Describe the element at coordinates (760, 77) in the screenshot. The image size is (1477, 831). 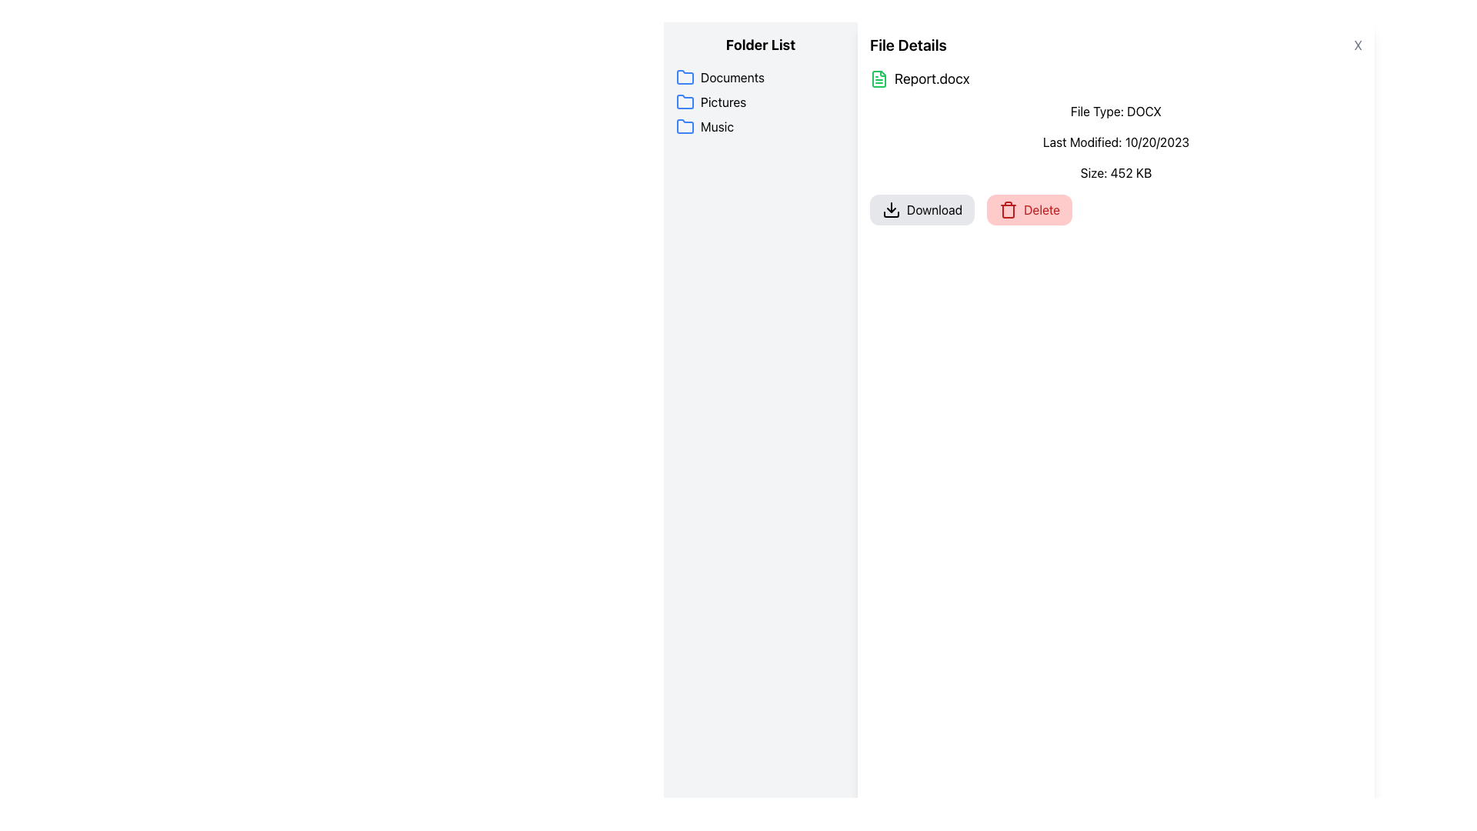
I see `the 'Documents' label, which is the first item in the 'Folder List' section` at that location.